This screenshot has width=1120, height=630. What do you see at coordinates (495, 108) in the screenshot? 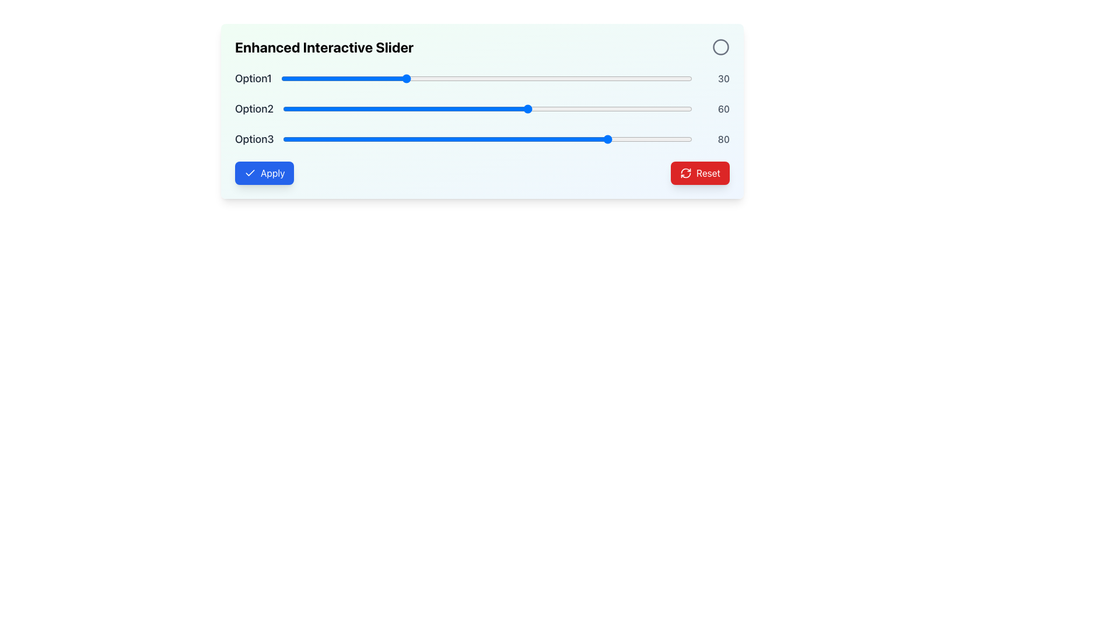
I see `slider` at bounding box center [495, 108].